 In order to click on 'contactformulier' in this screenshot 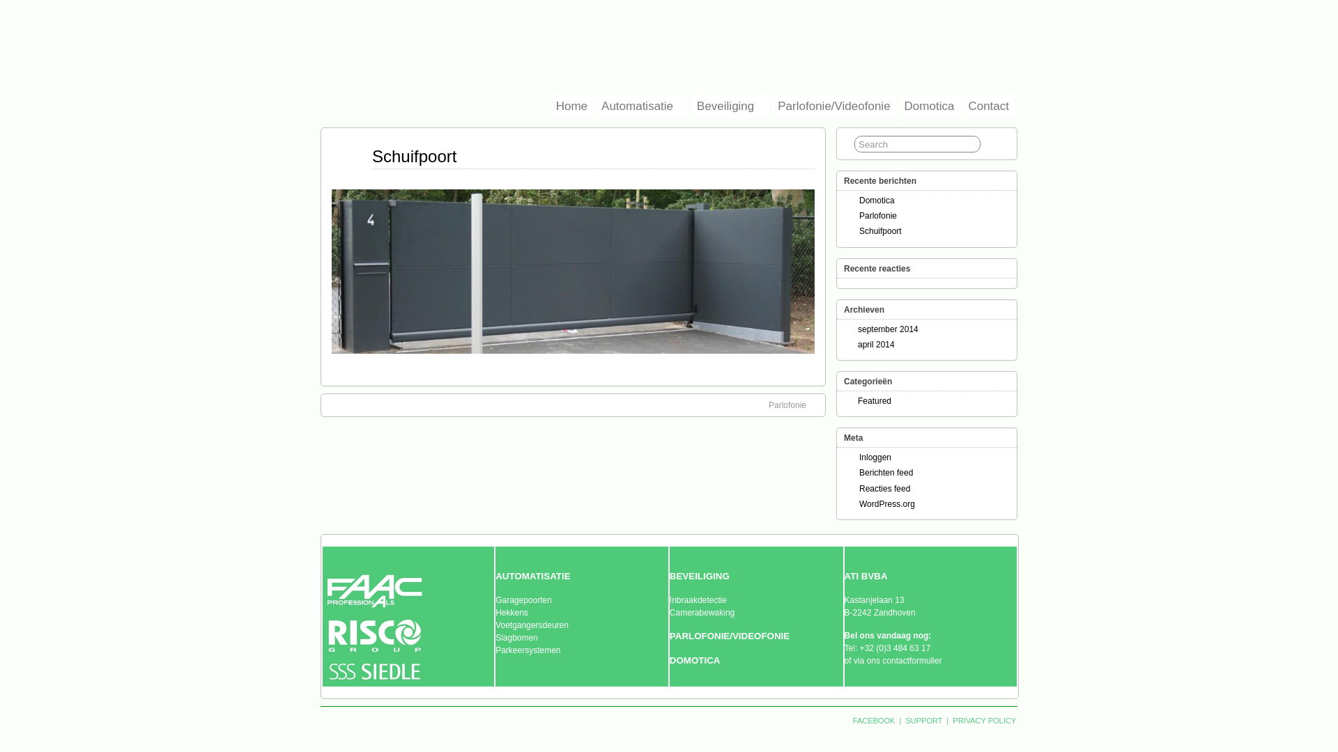, I will do `click(912, 659)`.